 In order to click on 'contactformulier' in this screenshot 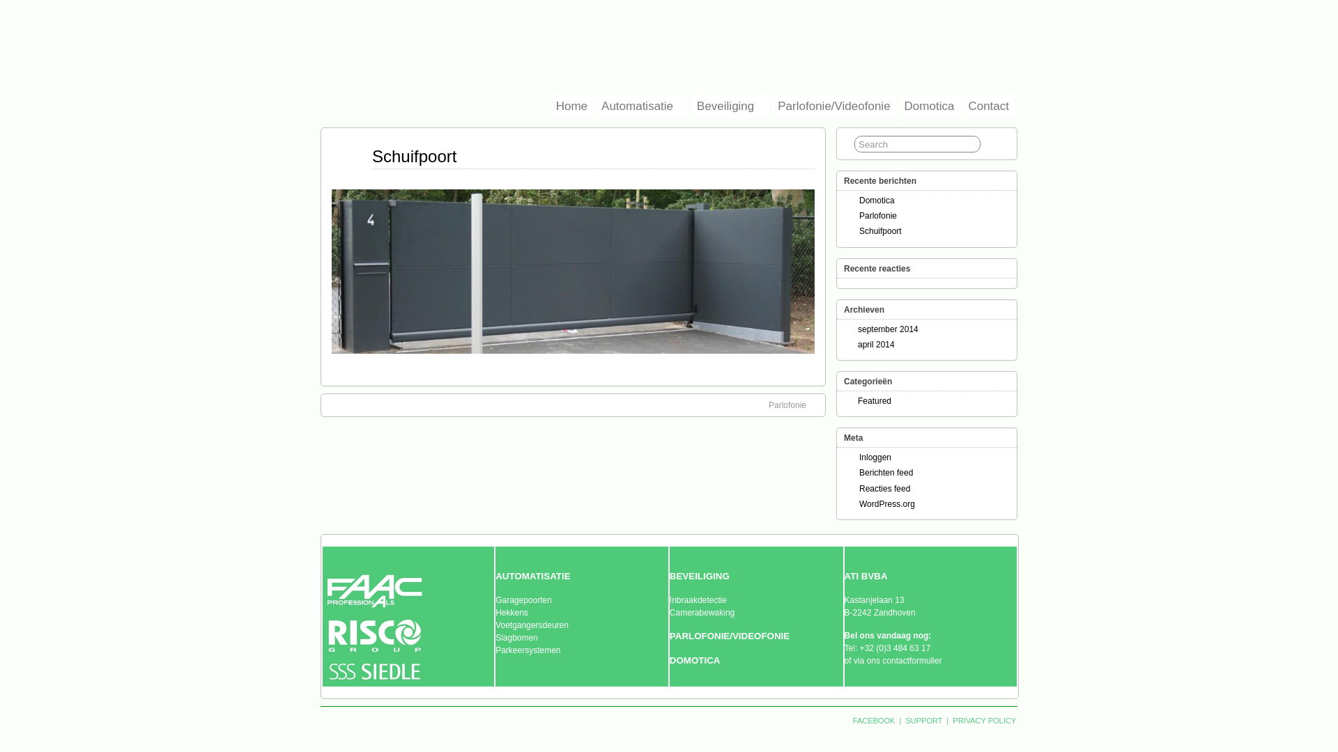, I will do `click(912, 659)`.